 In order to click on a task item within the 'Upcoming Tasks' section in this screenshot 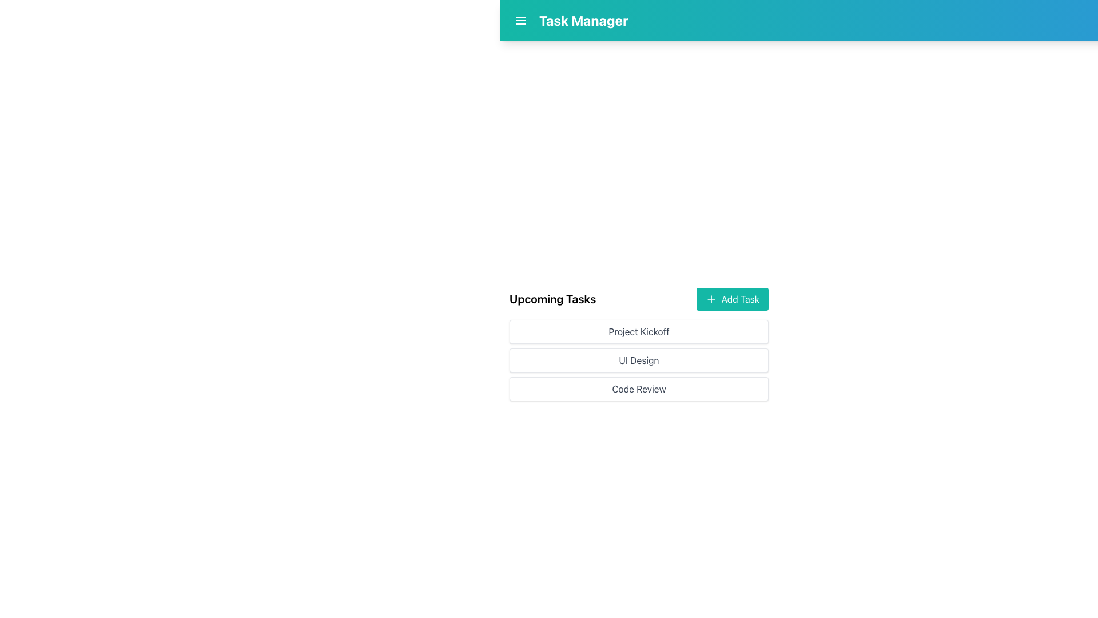, I will do `click(638, 331)`.